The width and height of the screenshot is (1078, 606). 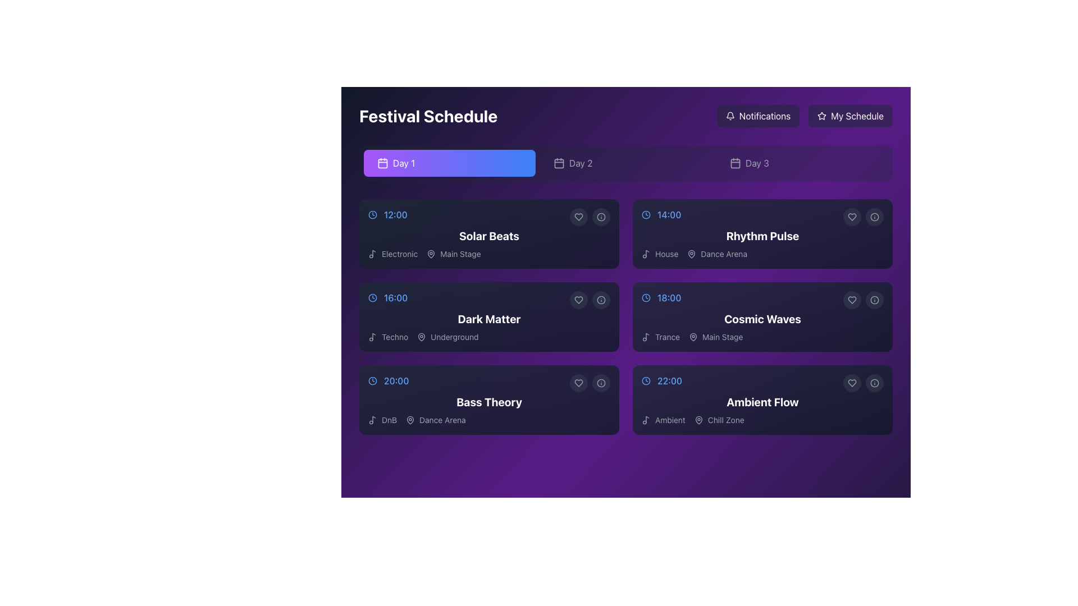 I want to click on the musical note icon located to the left of the 'Electronic' text in the schedule section under 'Day 1', so click(x=372, y=254).